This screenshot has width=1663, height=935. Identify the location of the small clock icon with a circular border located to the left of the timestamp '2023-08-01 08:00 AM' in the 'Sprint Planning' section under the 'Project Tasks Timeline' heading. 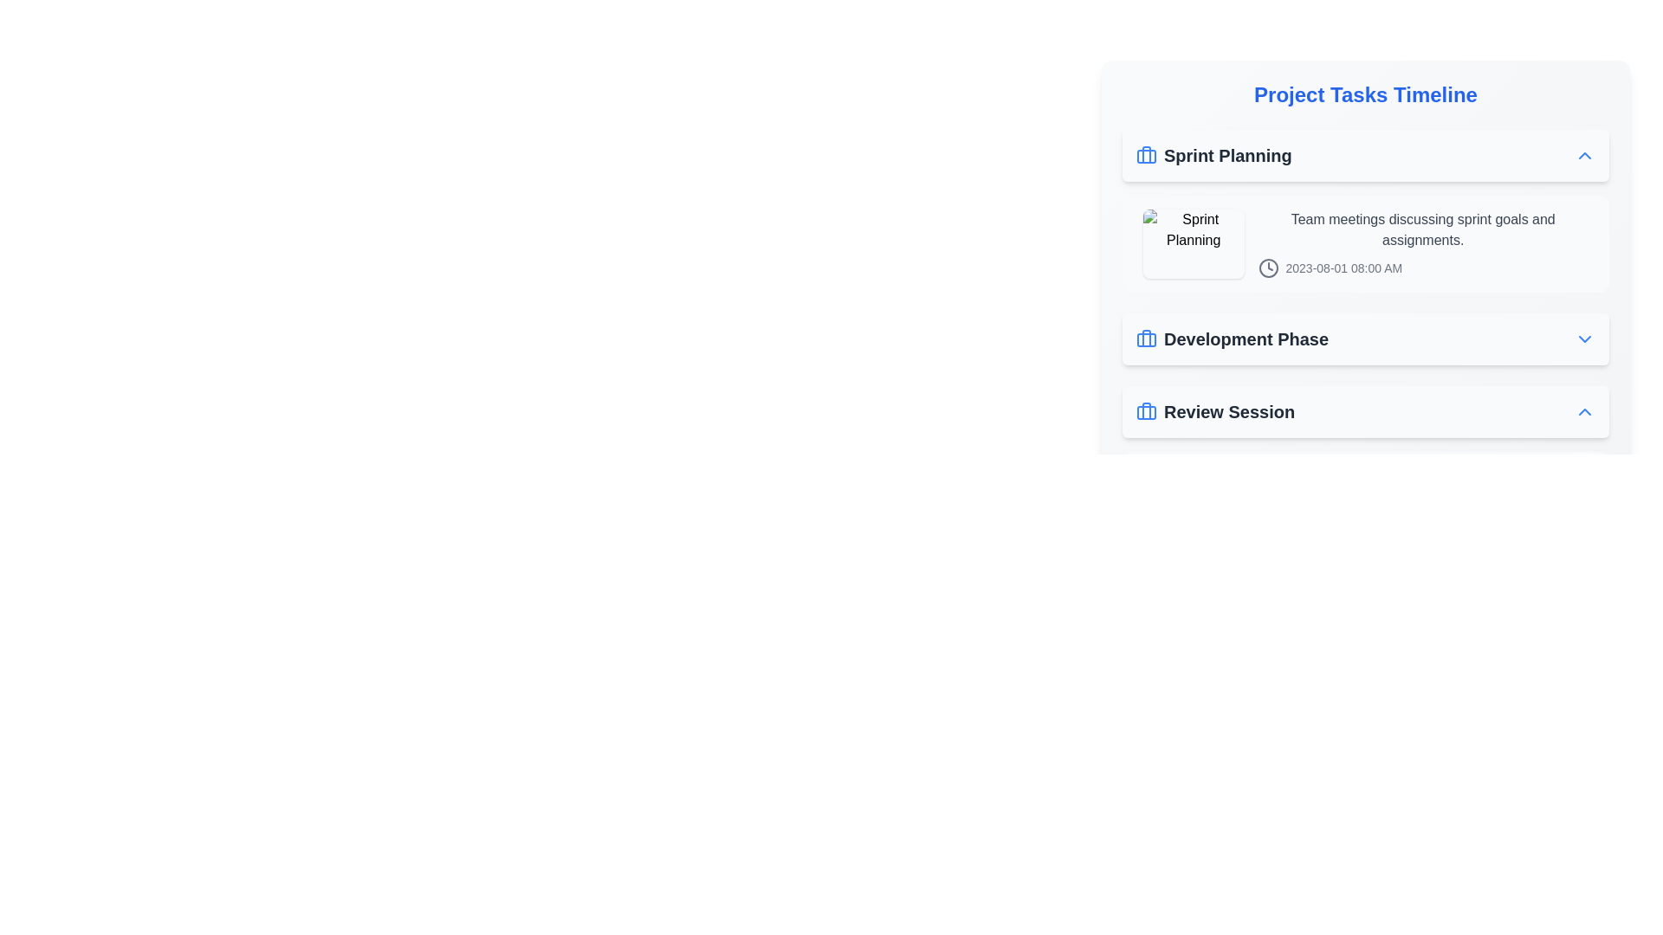
(1268, 268).